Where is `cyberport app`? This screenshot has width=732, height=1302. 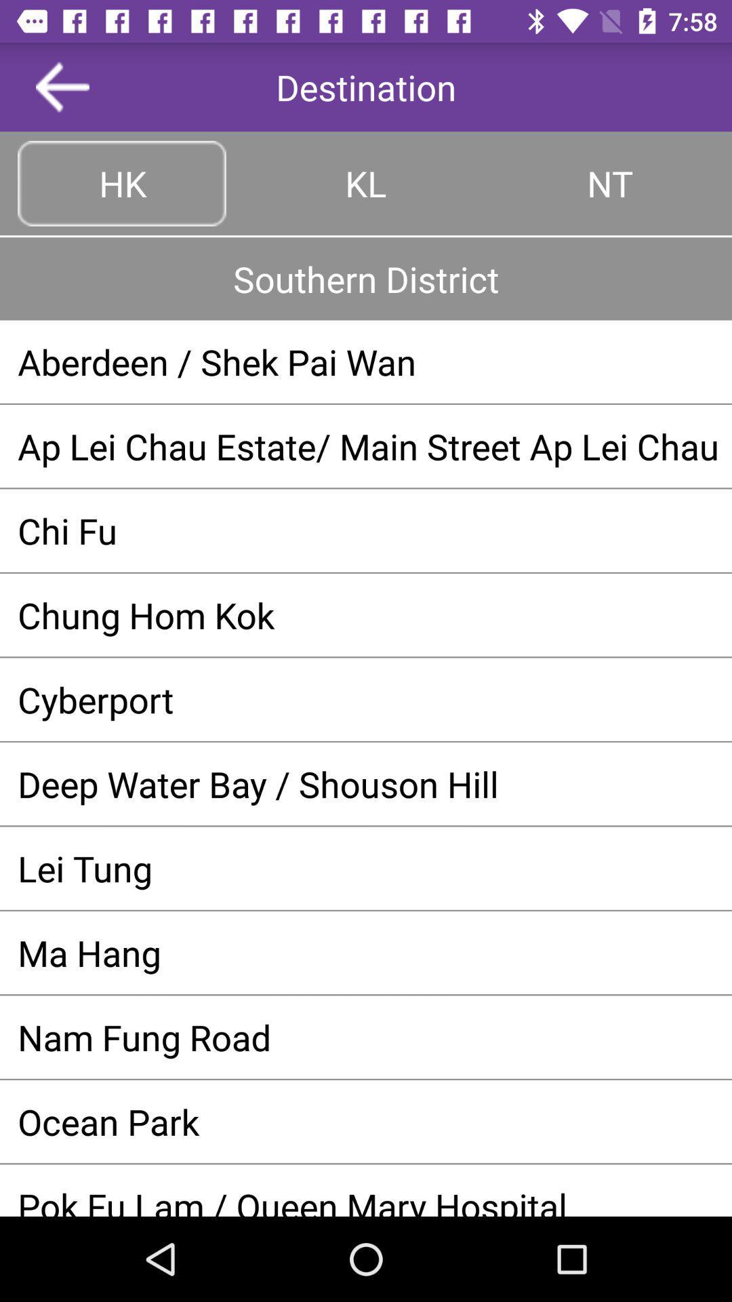
cyberport app is located at coordinates (366, 699).